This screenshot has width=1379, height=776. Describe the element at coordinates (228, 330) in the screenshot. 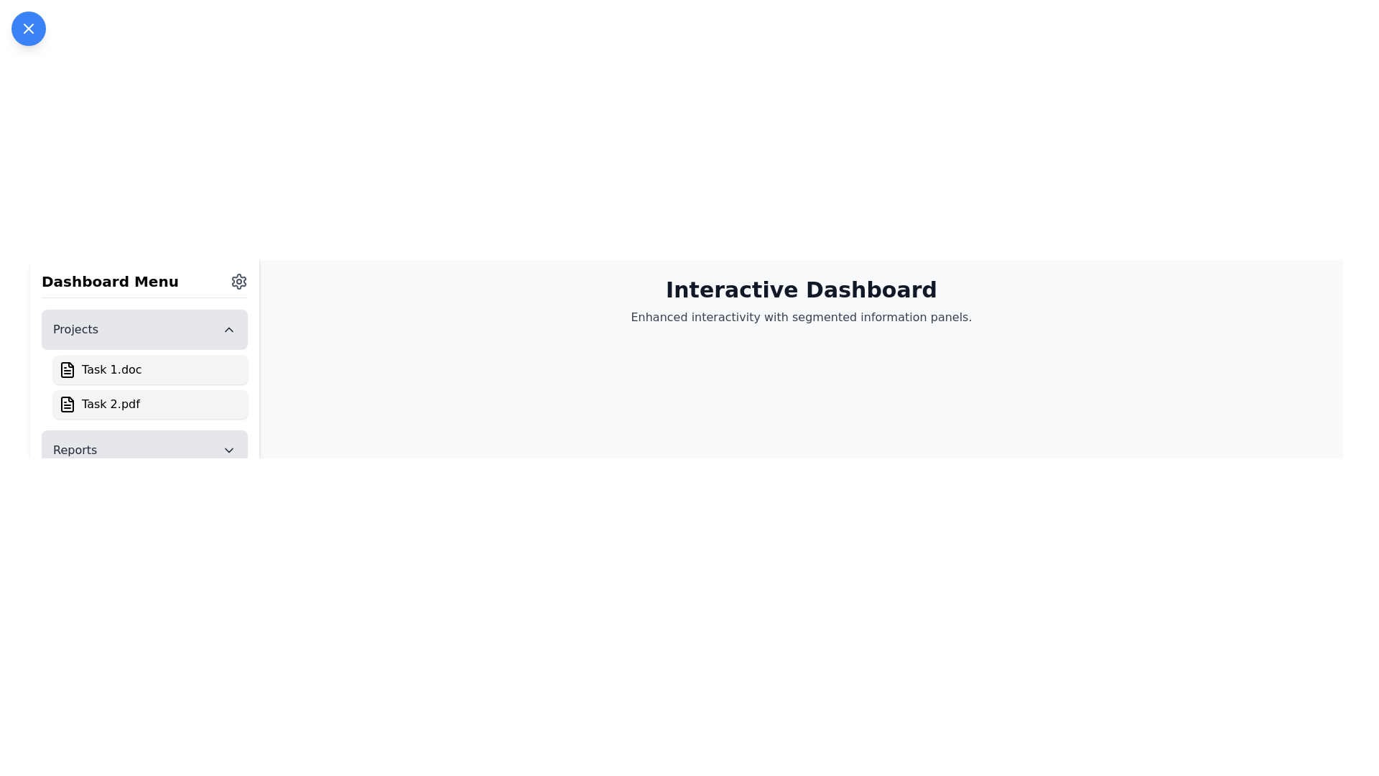

I see `the chevron icon button located to the right of the 'Projects' label in the left sidebar menu` at that location.